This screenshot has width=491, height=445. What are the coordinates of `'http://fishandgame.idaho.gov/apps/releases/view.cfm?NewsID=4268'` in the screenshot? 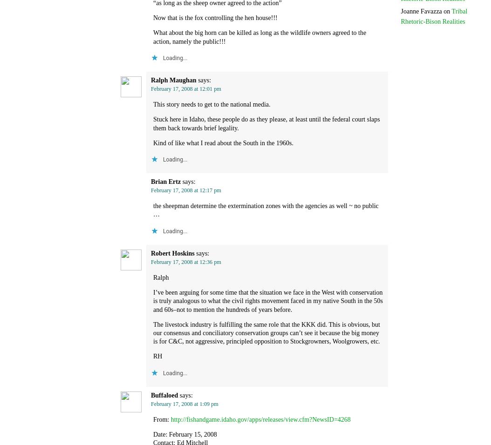 It's located at (260, 419).